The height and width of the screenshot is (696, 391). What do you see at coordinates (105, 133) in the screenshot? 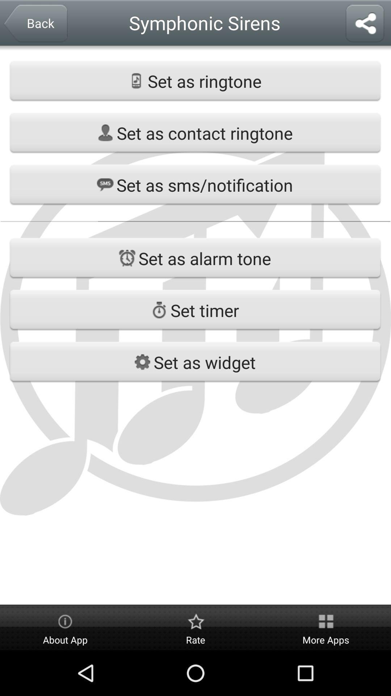
I see `the profile icon on the web page` at bounding box center [105, 133].